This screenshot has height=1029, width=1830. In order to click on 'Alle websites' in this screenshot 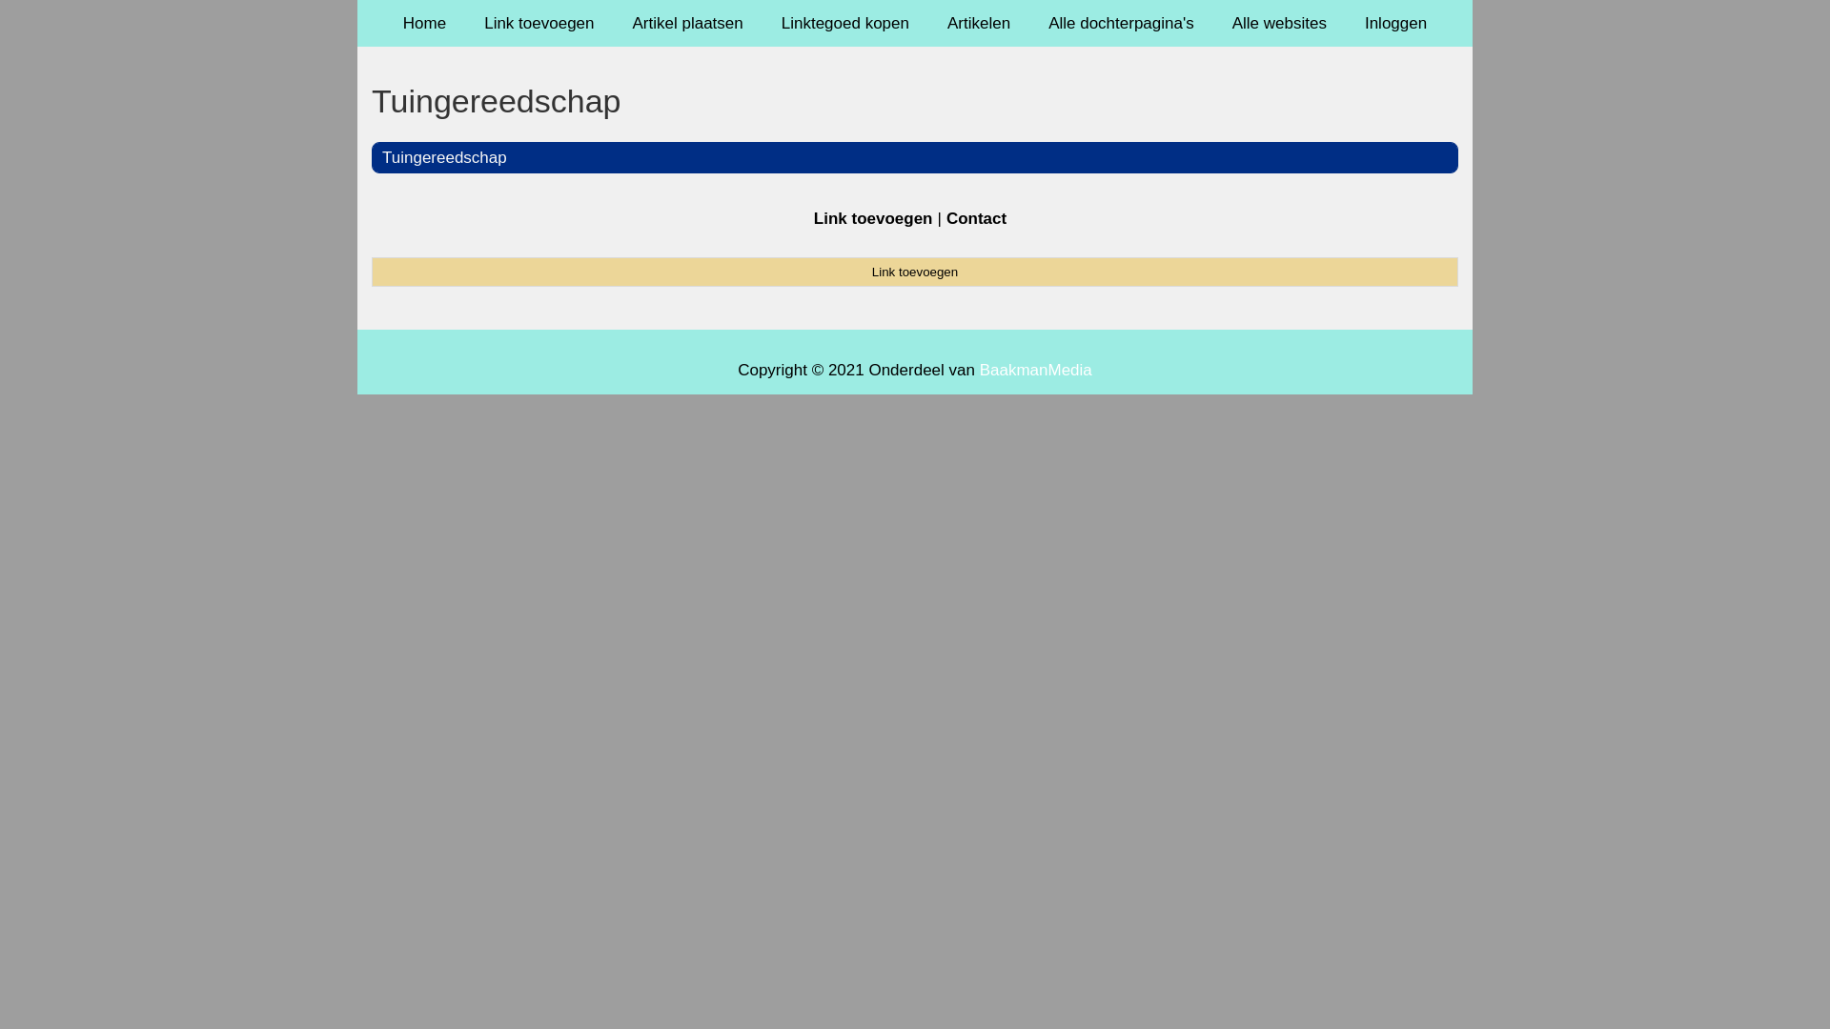, I will do `click(1279, 23)`.